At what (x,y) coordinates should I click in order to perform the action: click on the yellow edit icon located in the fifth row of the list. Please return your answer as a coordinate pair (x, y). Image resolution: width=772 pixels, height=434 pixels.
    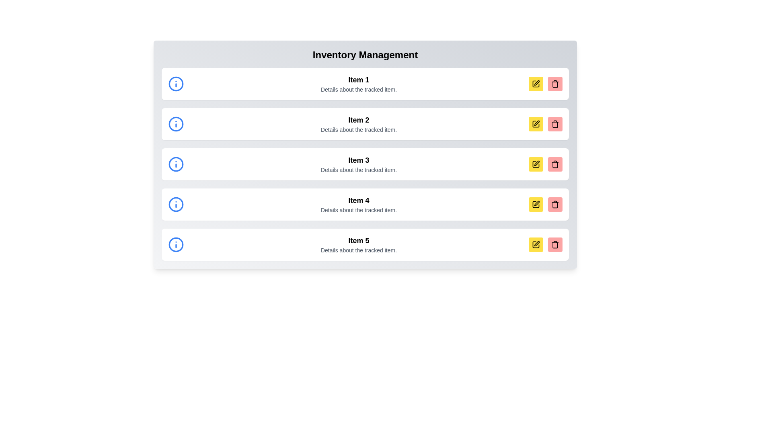
    Looking at the image, I should click on (536, 204).